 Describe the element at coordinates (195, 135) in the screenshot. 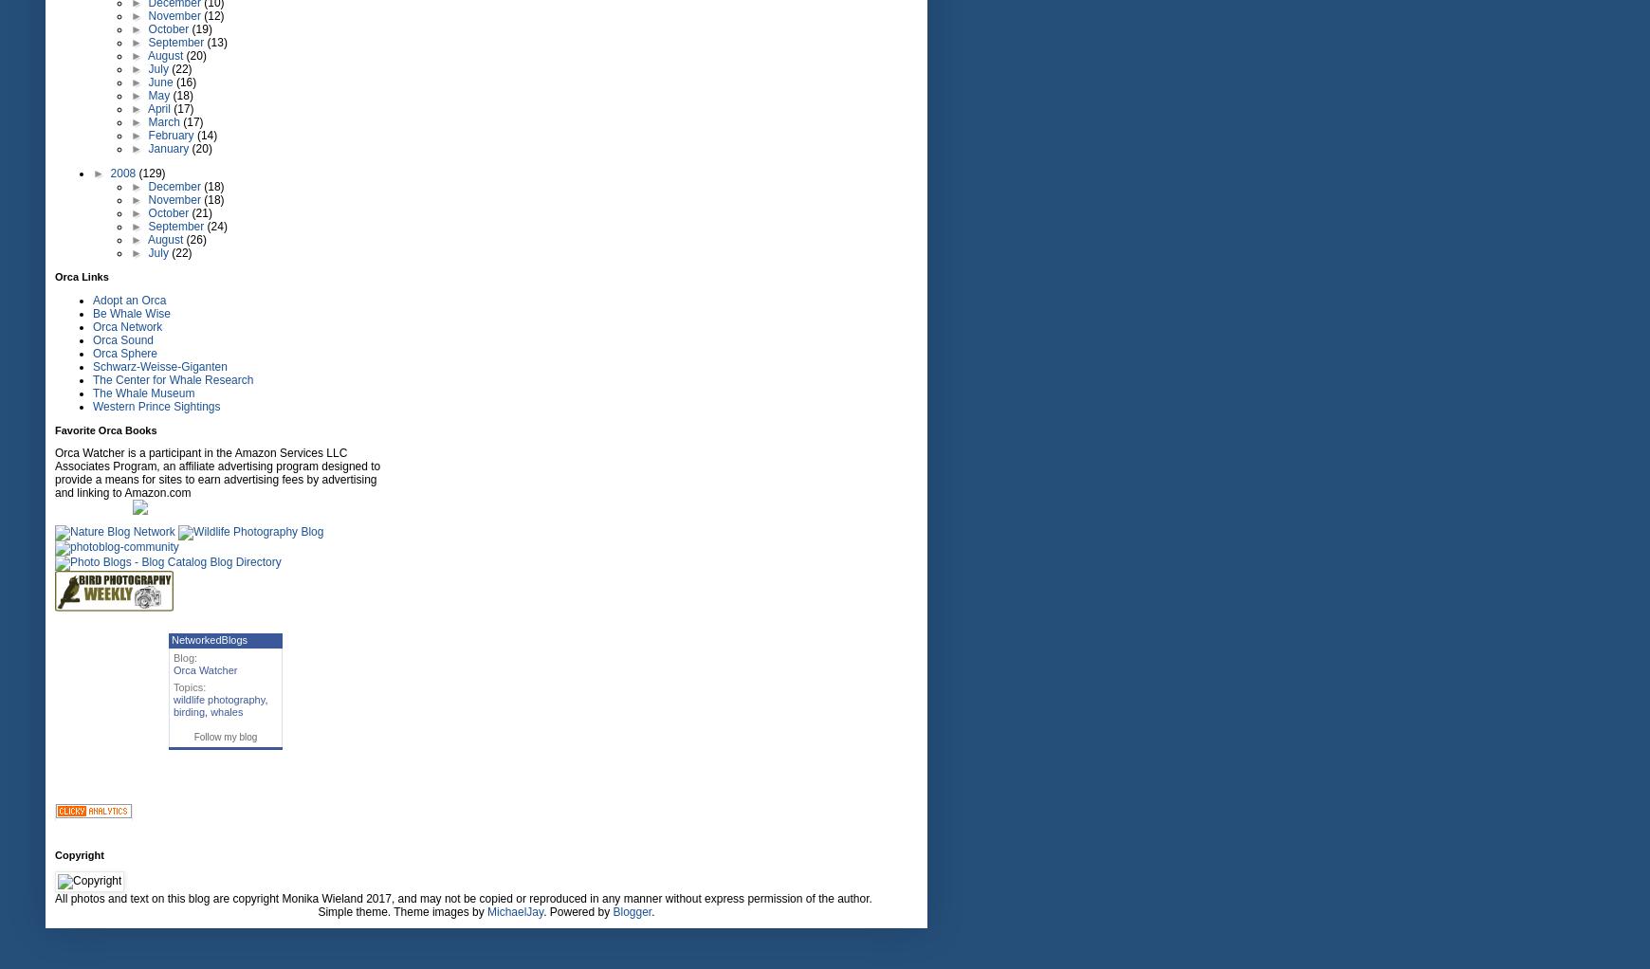

I see `'(14)'` at that location.